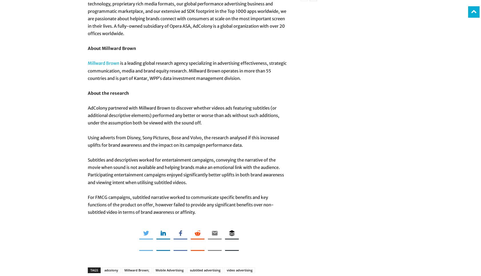 This screenshot has height=276, width=481. Describe the element at coordinates (170, 269) in the screenshot. I see `'Mobile Advertising'` at that location.